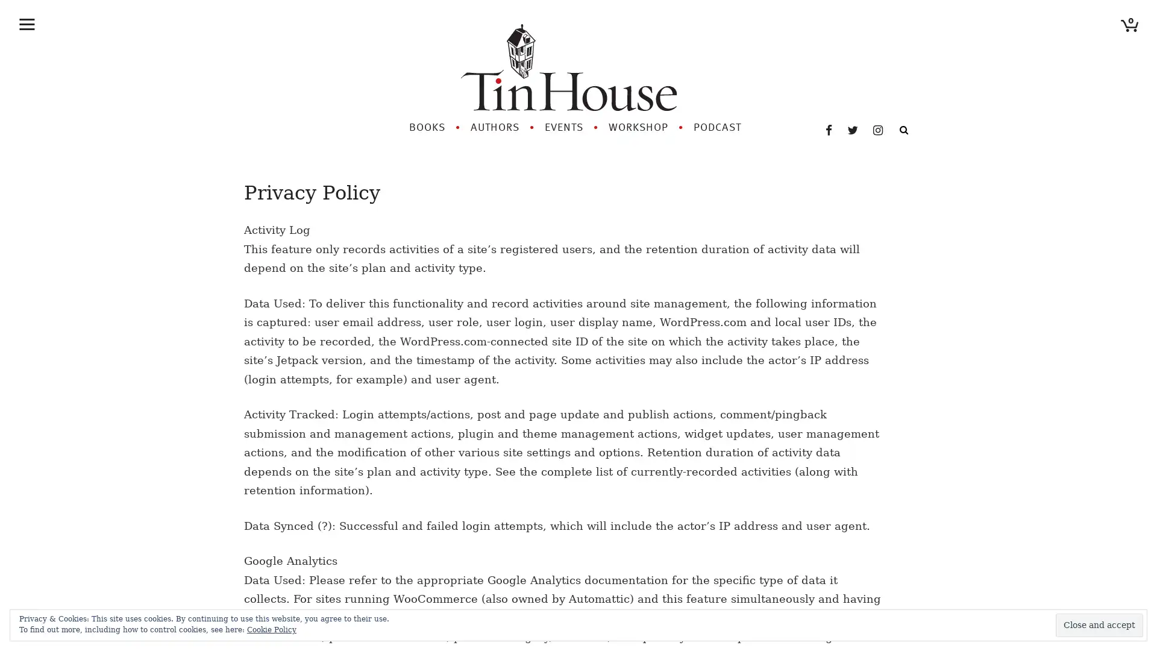 This screenshot has width=1157, height=651. What do you see at coordinates (1099, 624) in the screenshot?
I see `Close and accept` at bounding box center [1099, 624].